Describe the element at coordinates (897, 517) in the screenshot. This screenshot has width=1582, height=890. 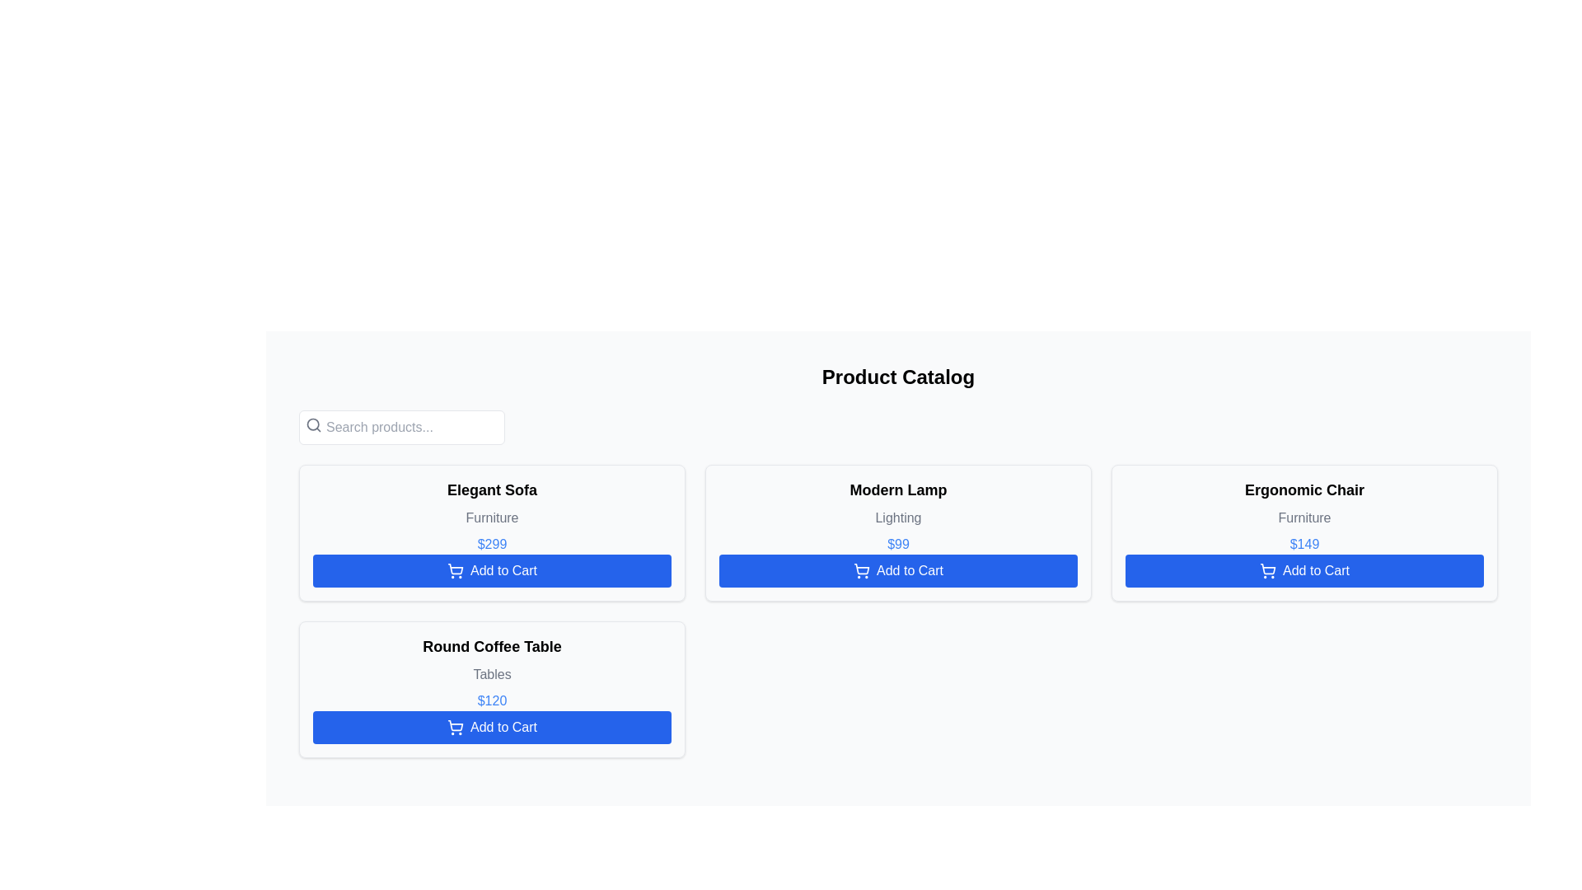
I see `the label categorizing the product as part of the lighting collection, located under the title 'Modern Lamp' on the second product card in the top row` at that location.